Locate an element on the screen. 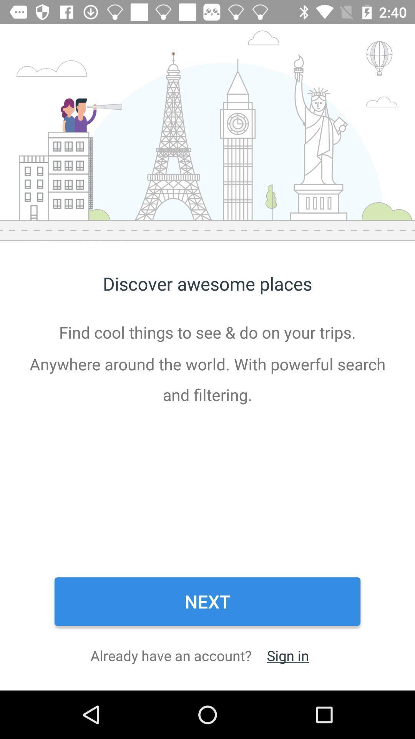 Image resolution: width=415 pixels, height=739 pixels. sign in at the bottom right corner is located at coordinates (288, 655).